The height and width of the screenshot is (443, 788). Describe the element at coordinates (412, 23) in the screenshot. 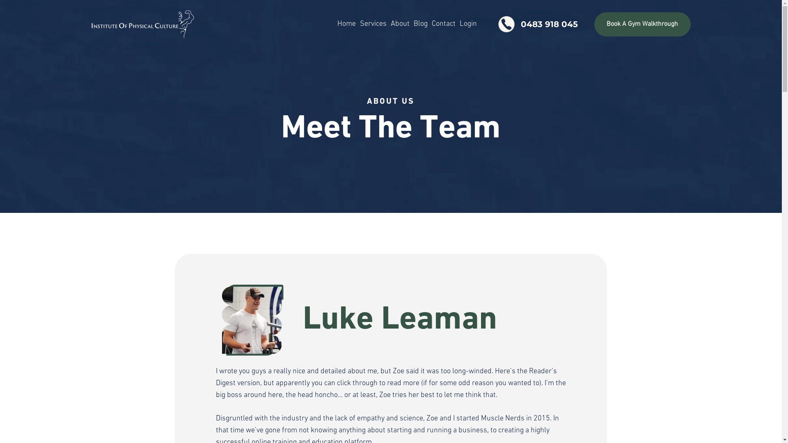

I see `'Blog'` at that location.